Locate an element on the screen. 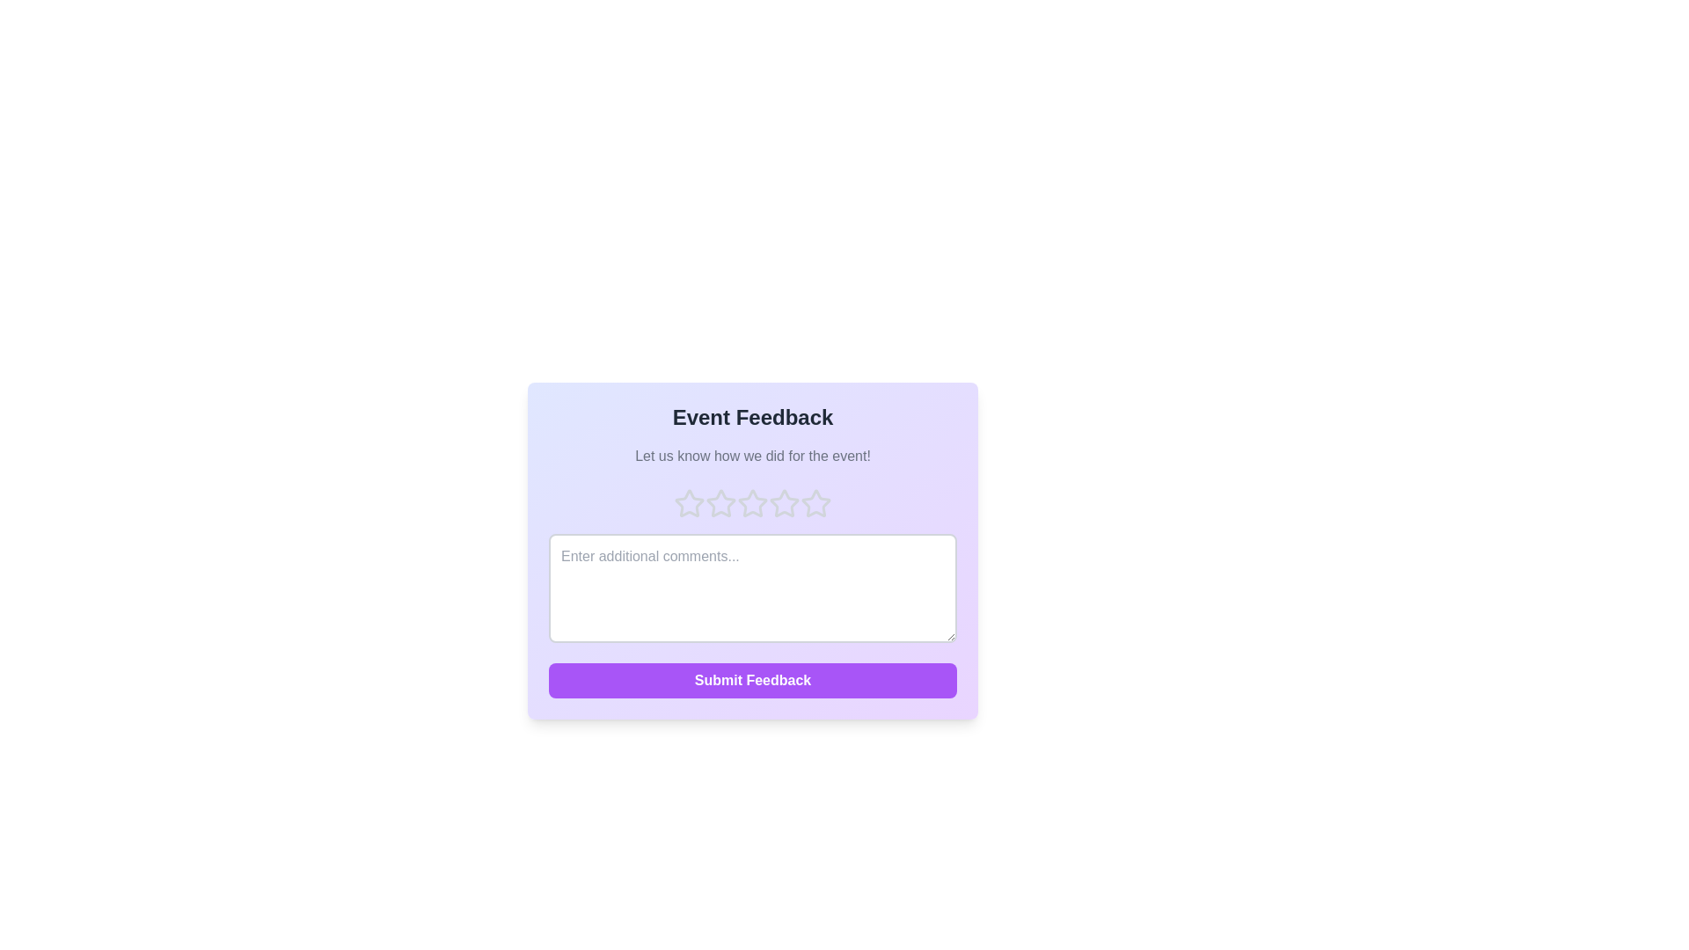 The image size is (1689, 950). the first star icon in the rating control is located at coordinates (688, 504).